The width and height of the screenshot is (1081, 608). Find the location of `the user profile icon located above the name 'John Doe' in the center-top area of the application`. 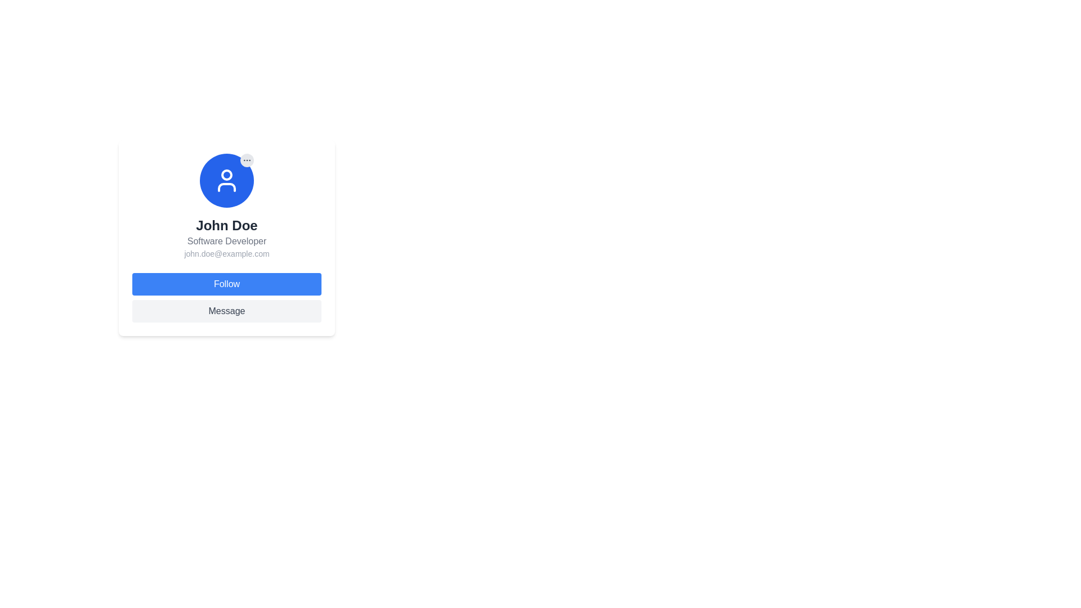

the user profile icon located above the name 'John Doe' in the center-top area of the application is located at coordinates (226, 180).